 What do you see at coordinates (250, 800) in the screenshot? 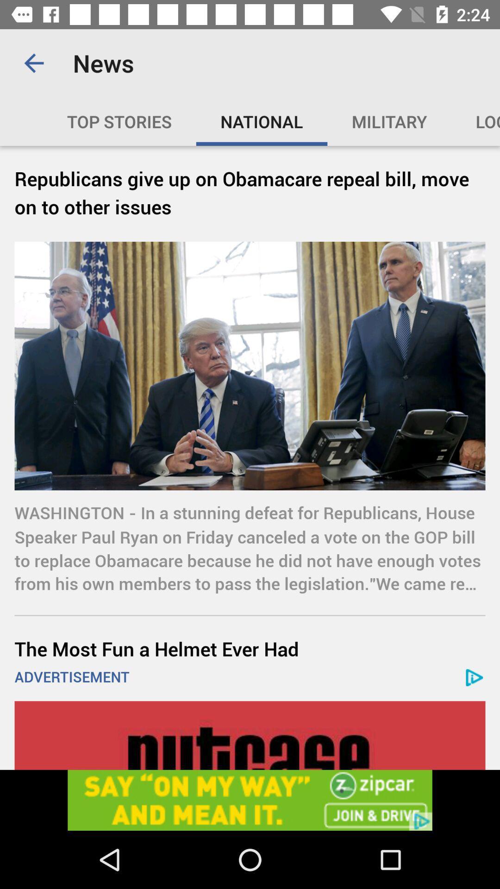
I see `open` at bounding box center [250, 800].